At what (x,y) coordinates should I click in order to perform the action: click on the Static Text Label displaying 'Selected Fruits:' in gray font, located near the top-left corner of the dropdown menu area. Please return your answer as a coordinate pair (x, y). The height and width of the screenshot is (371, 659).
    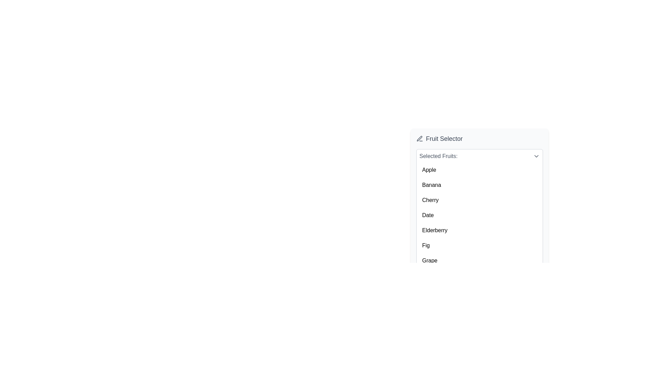
    Looking at the image, I should click on (438, 156).